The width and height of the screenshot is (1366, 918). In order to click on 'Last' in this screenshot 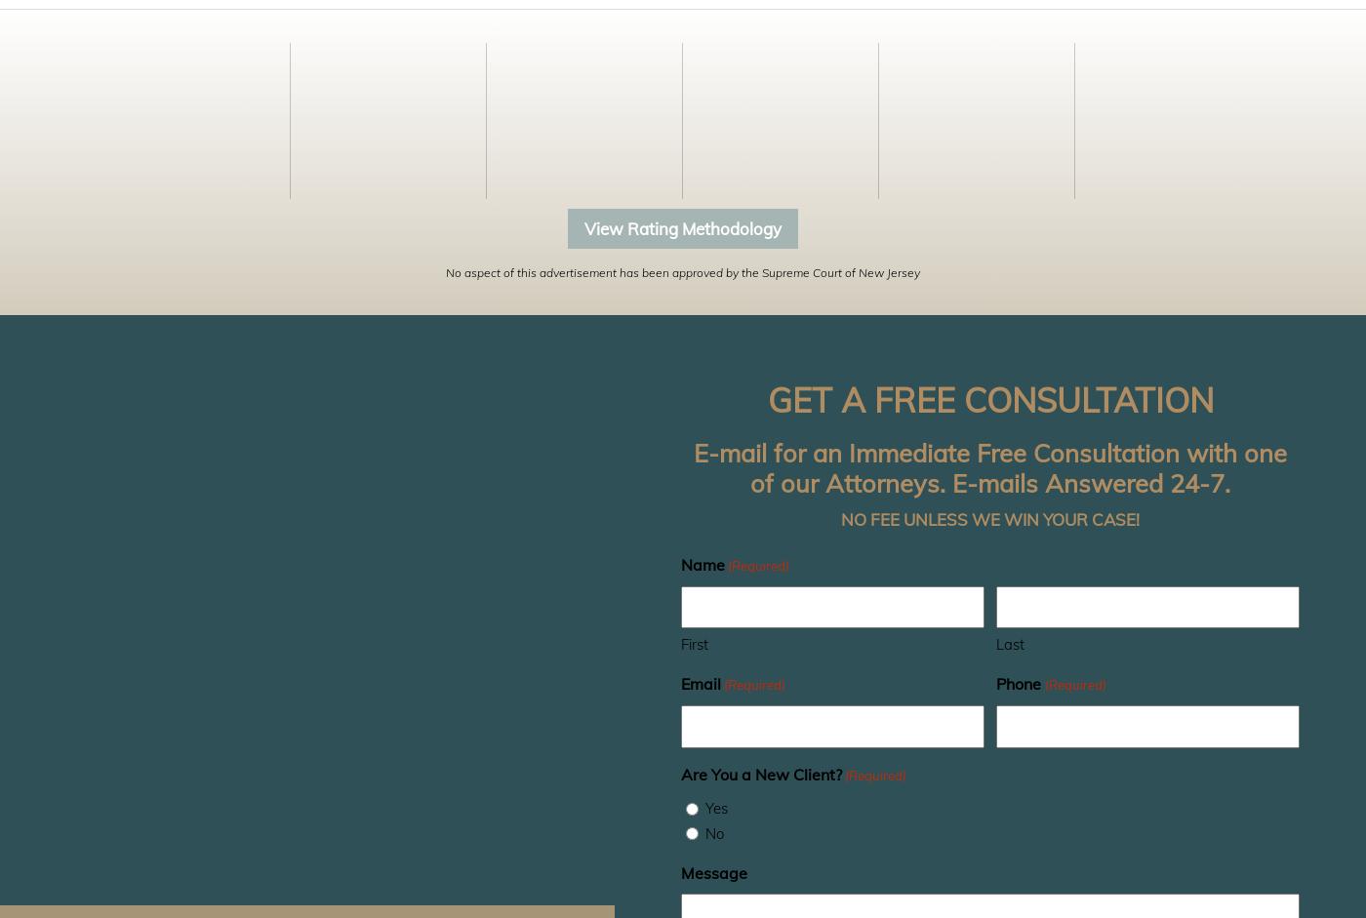, I will do `click(1010, 643)`.